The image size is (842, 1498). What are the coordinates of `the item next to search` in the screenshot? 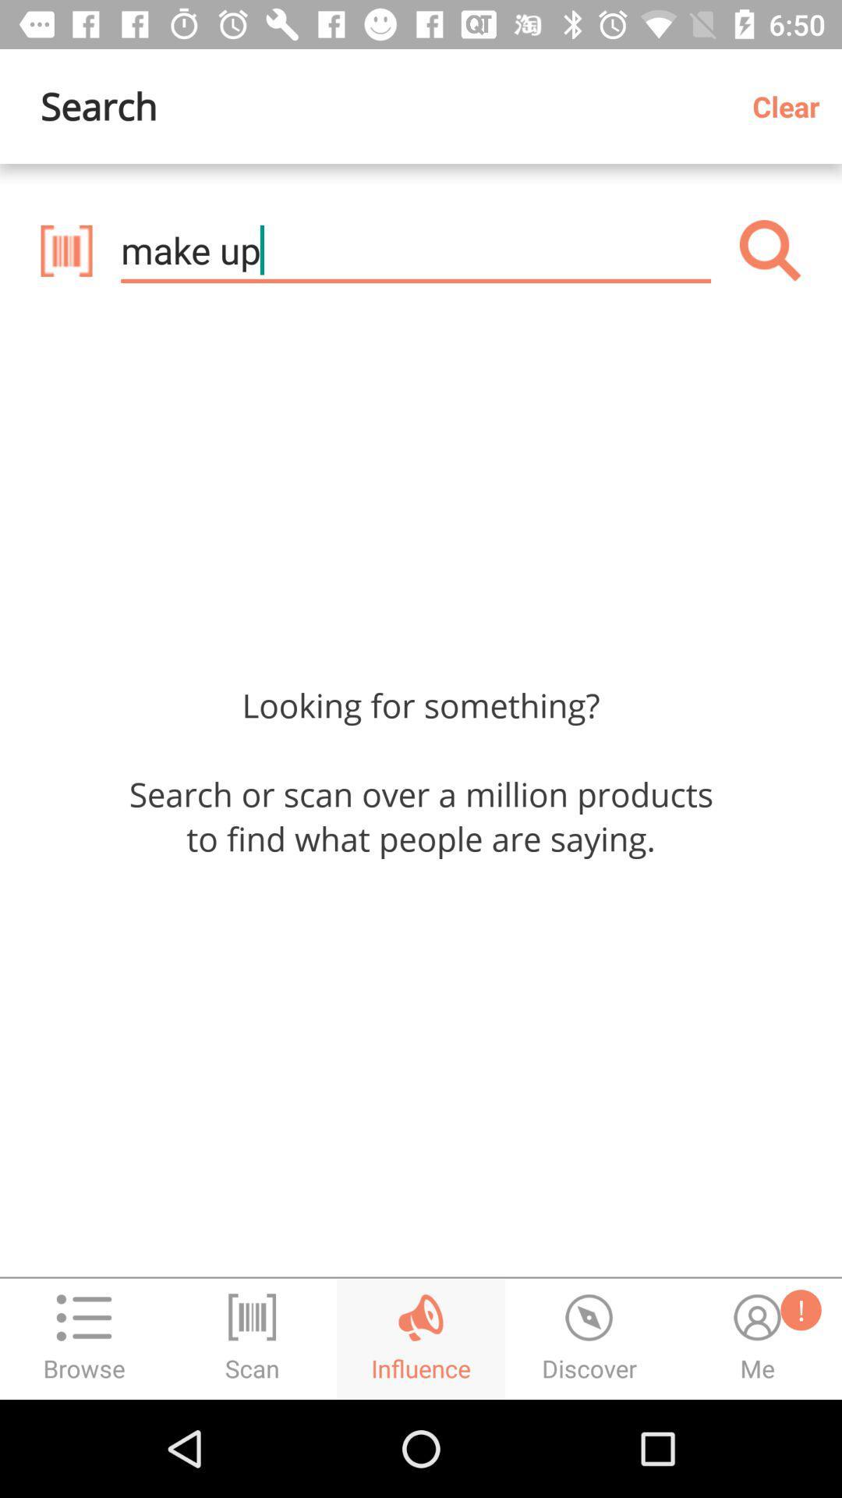 It's located at (791, 105).